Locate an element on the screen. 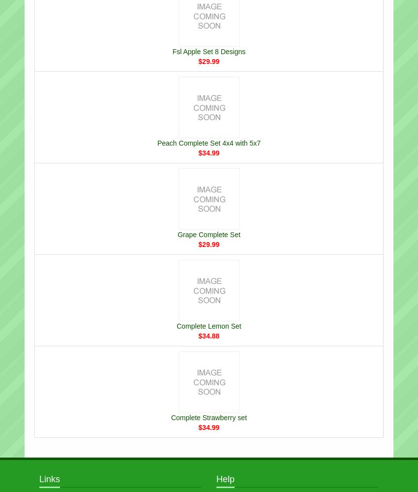 This screenshot has width=418, height=492. 'Fsl Apple Set 8 Designs' is located at coordinates (209, 51).